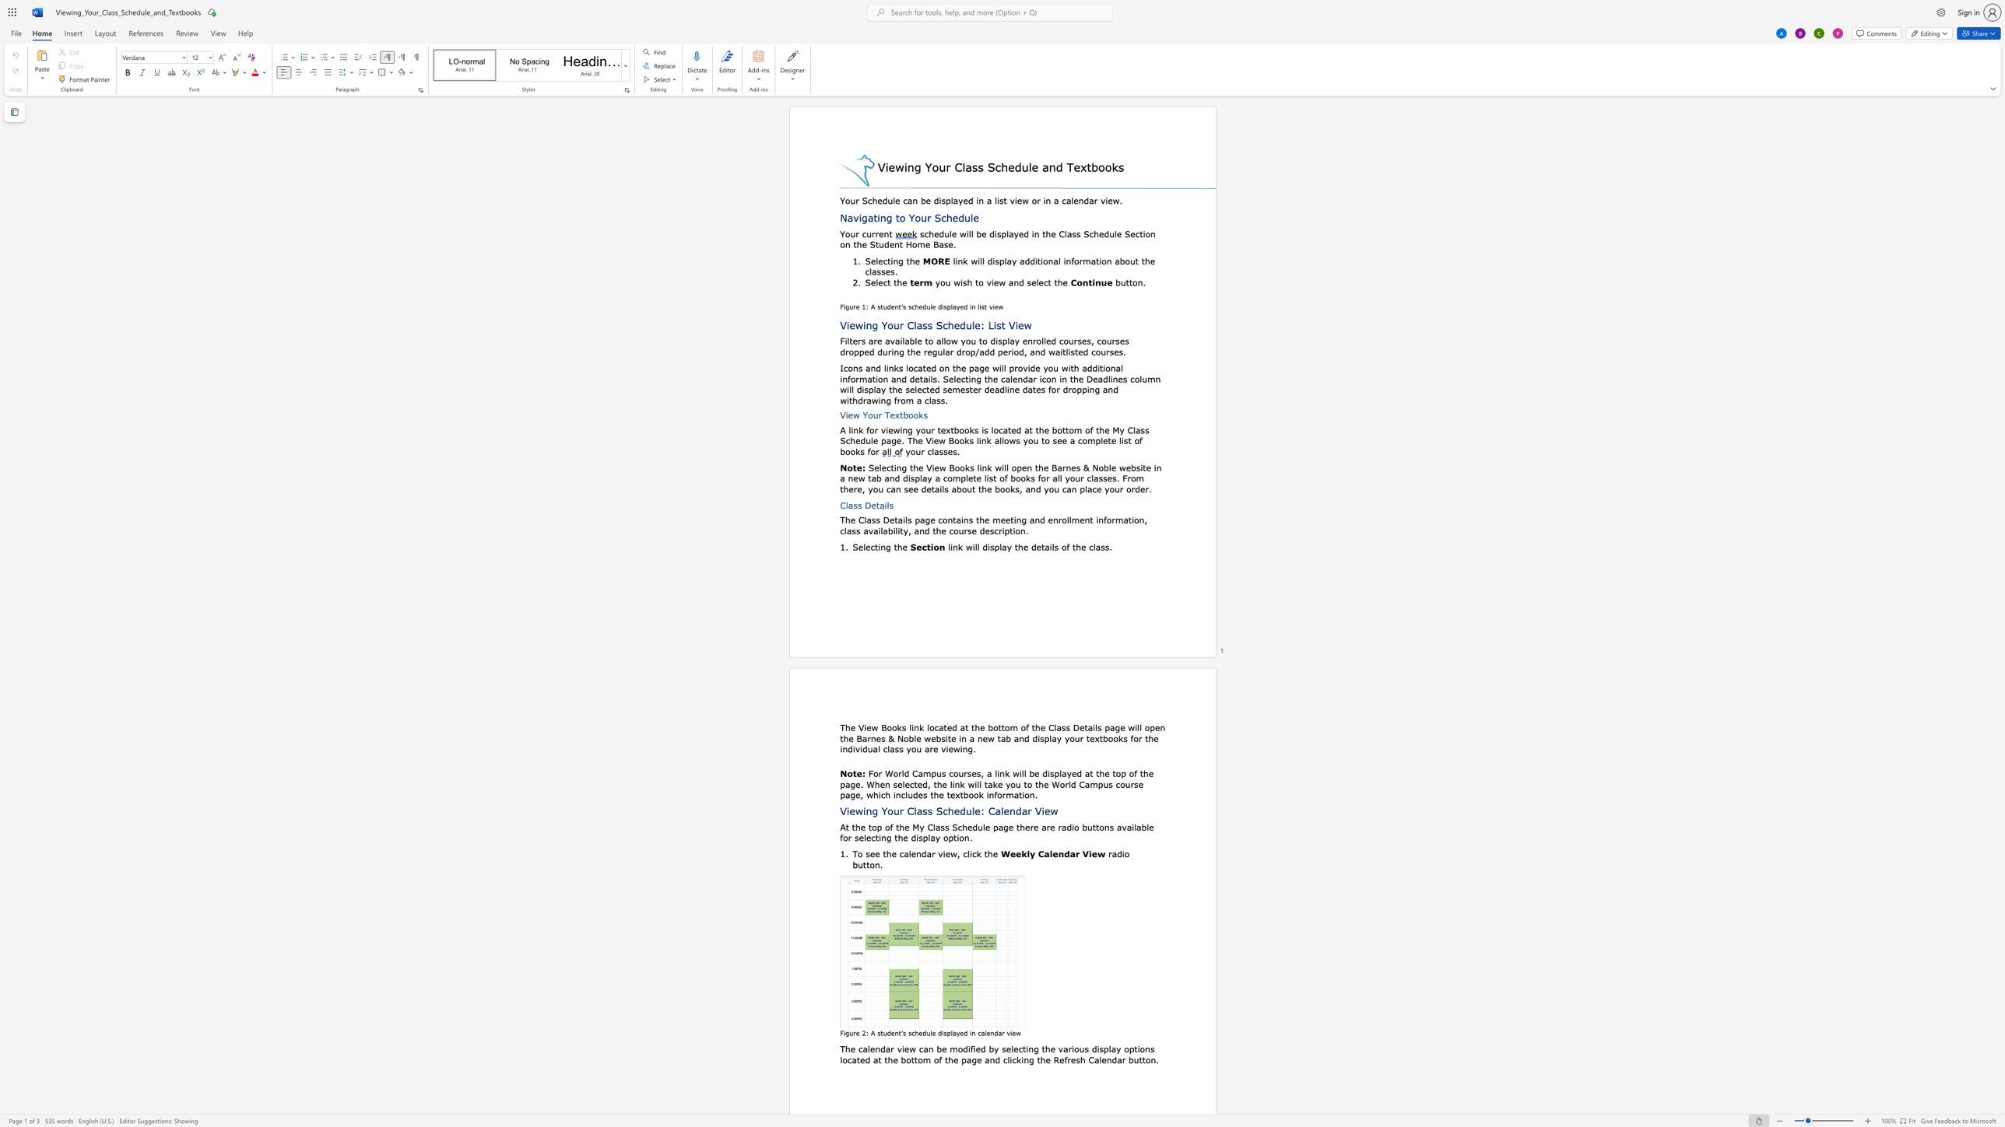 The image size is (2005, 1127). I want to click on the 1th character "s" in the text, so click(925, 415).